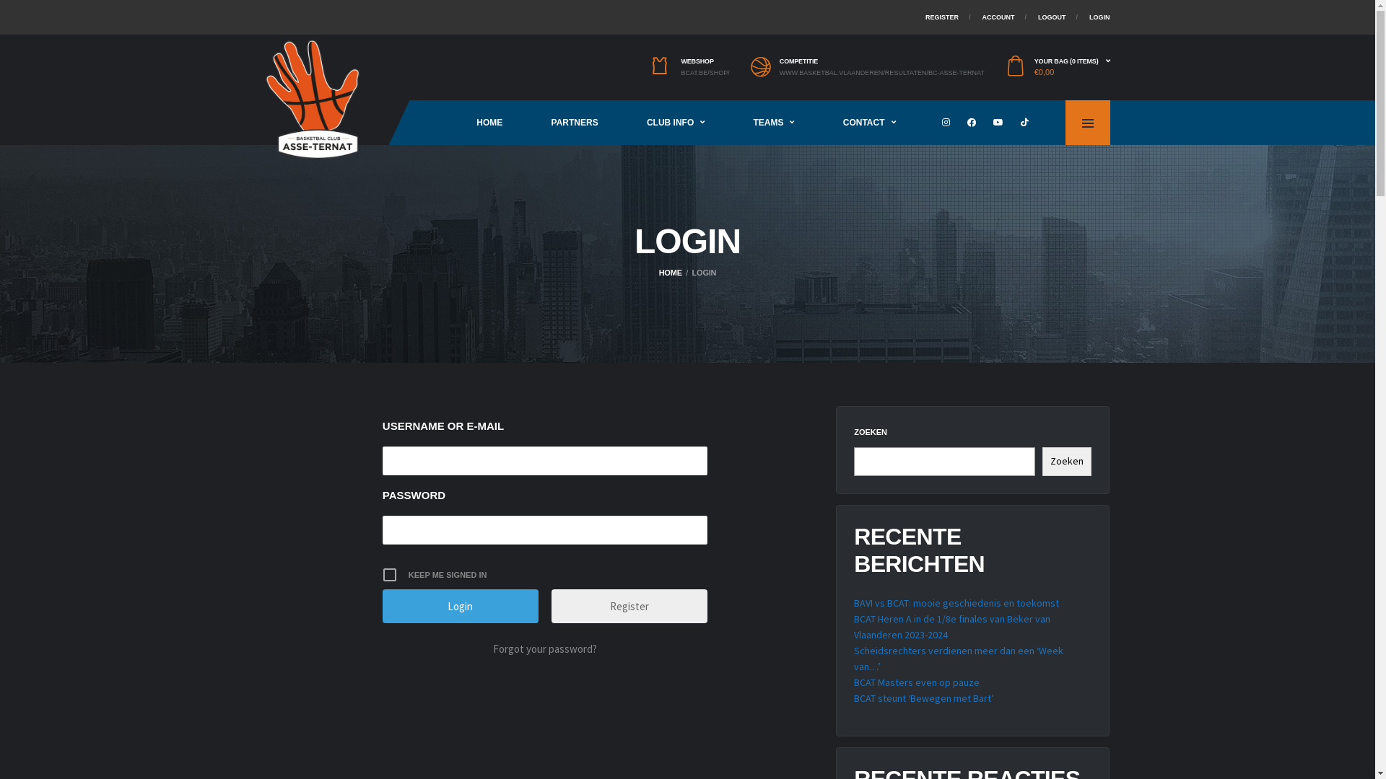  What do you see at coordinates (1067, 462) in the screenshot?
I see `'Zoeken'` at bounding box center [1067, 462].